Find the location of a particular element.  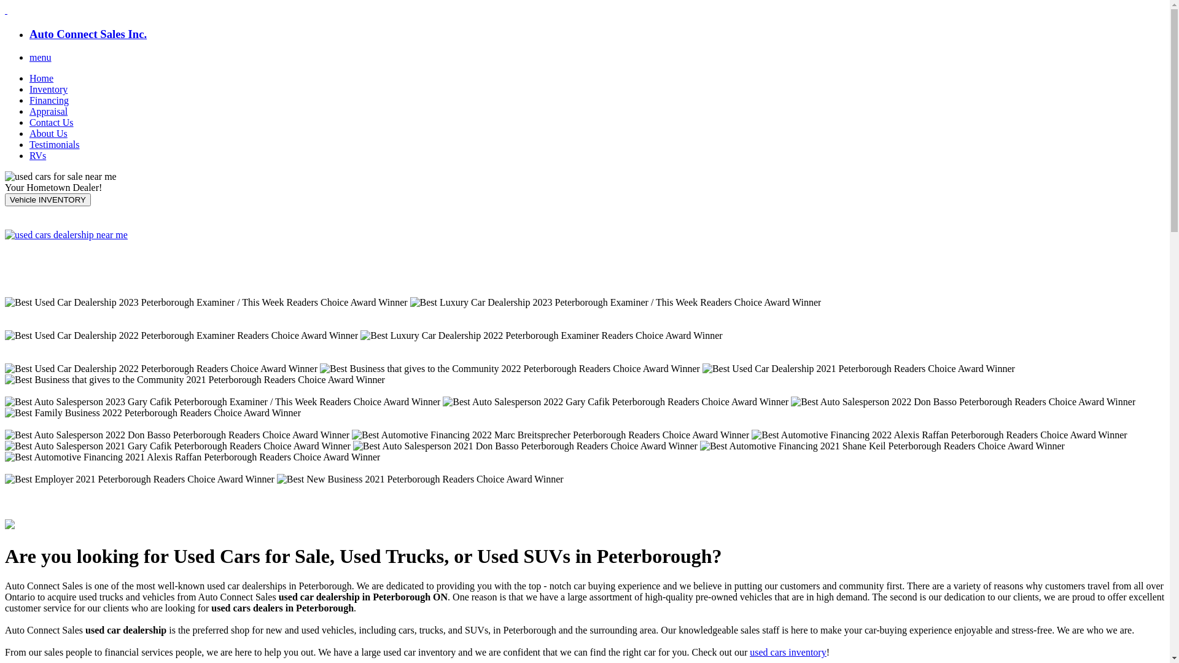

'Vehicle INVENTORY' is located at coordinates (47, 198).